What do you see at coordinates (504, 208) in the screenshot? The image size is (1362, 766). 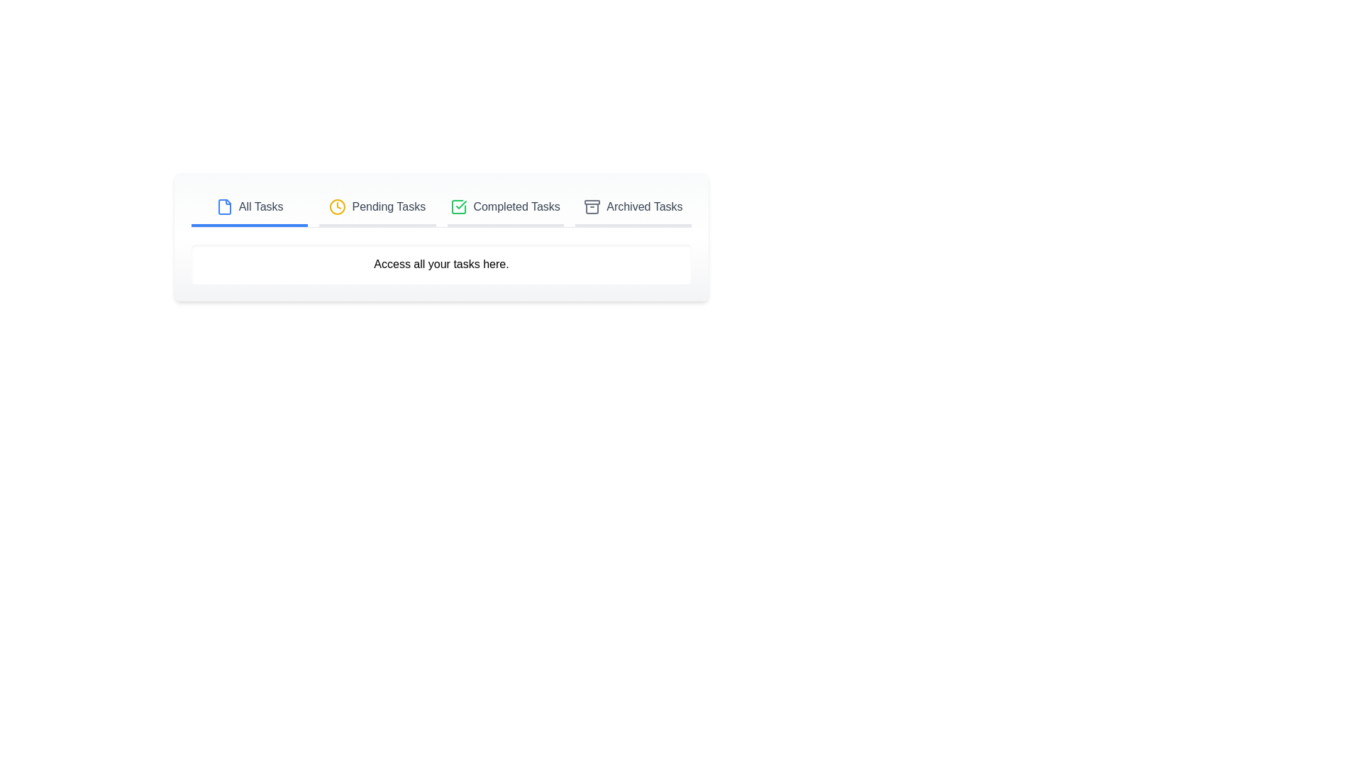 I see `the tab corresponding to Completed Tasks` at bounding box center [504, 208].